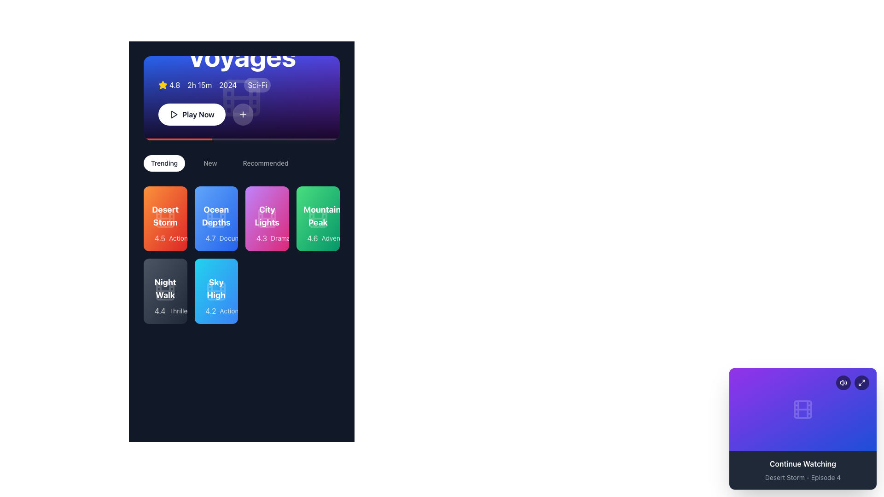  What do you see at coordinates (843, 383) in the screenshot?
I see `the compact circular button with a black semi-transparent background and a speaker icon to change its appearance` at bounding box center [843, 383].